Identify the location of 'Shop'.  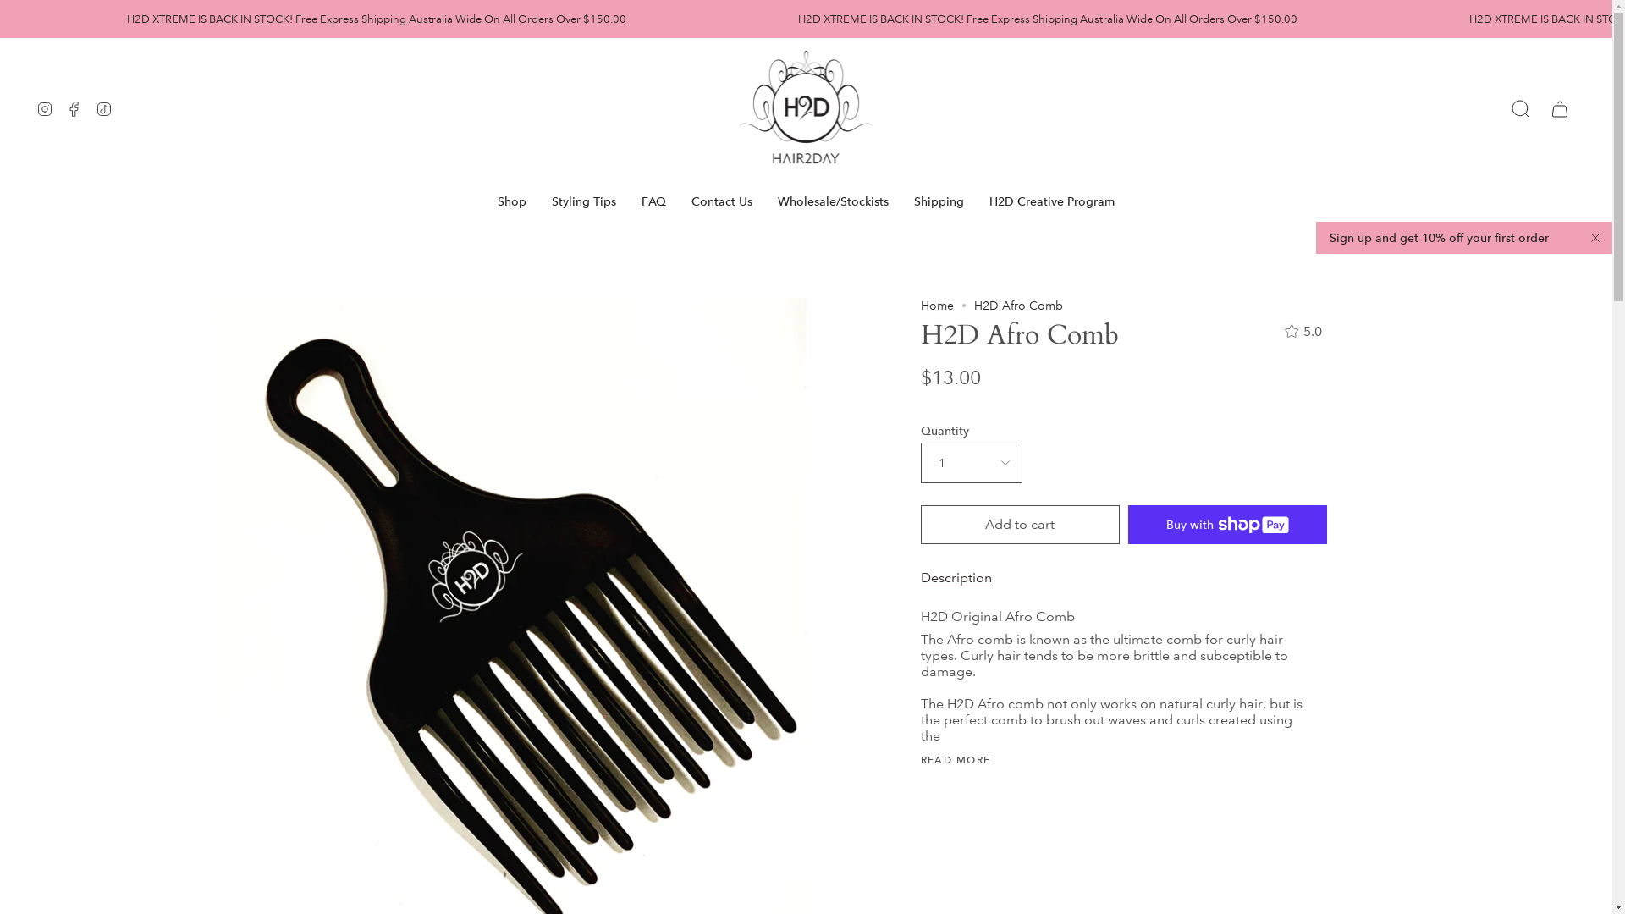
(510, 201).